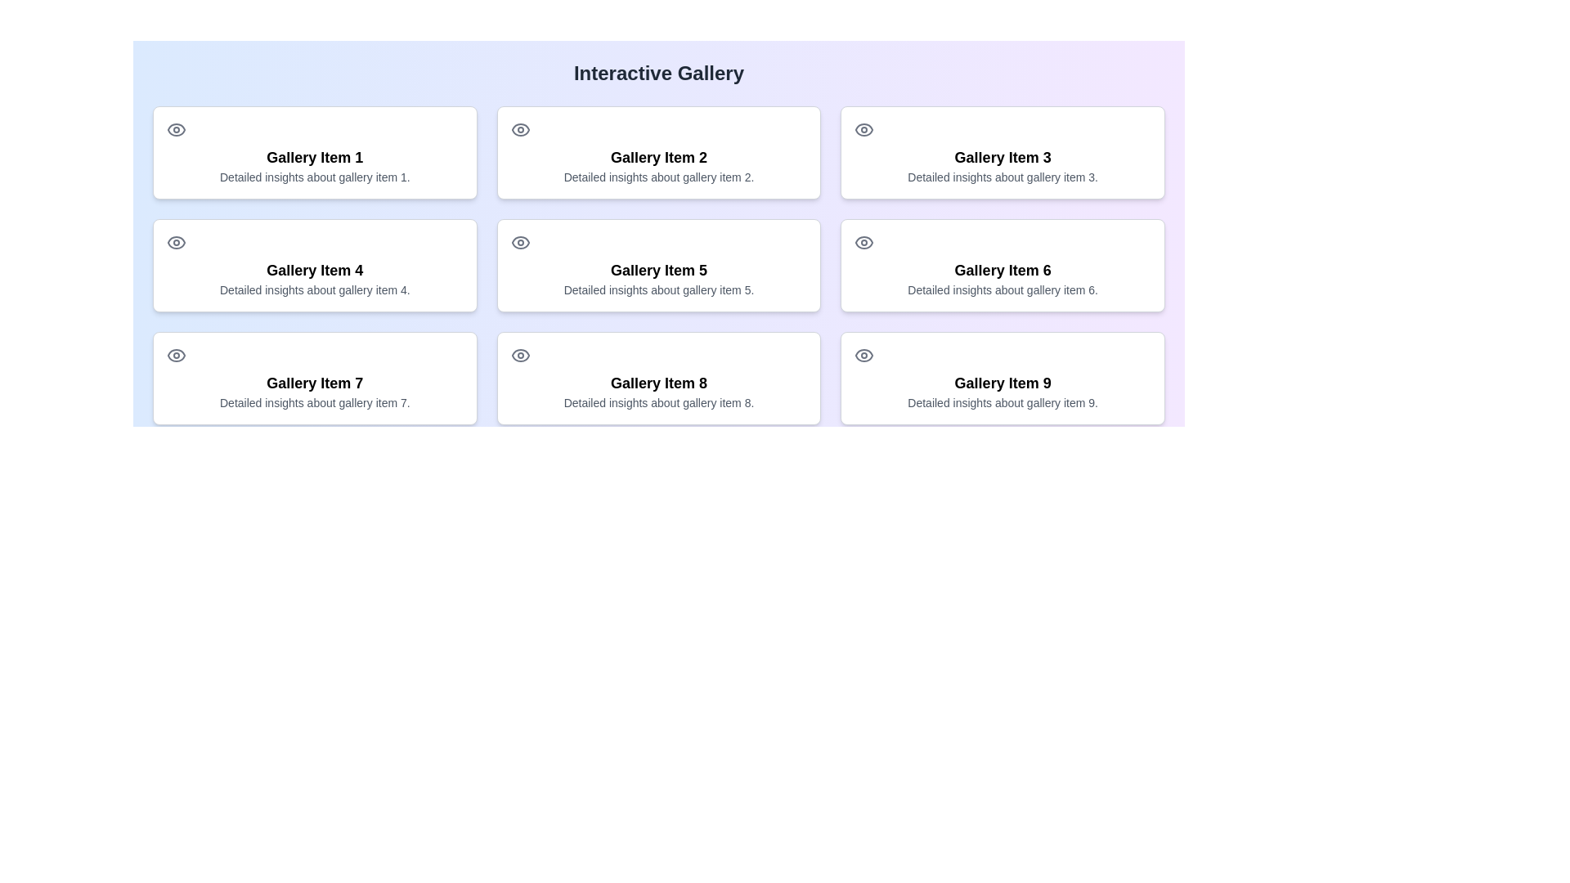 The height and width of the screenshot is (883, 1570). Describe the element at coordinates (1002, 289) in the screenshot. I see `the text element that provides detailed insights about gallery item 6, located beneath the title 'Gallery Item 6' in the middle column of the second row of the gallery grid` at that location.